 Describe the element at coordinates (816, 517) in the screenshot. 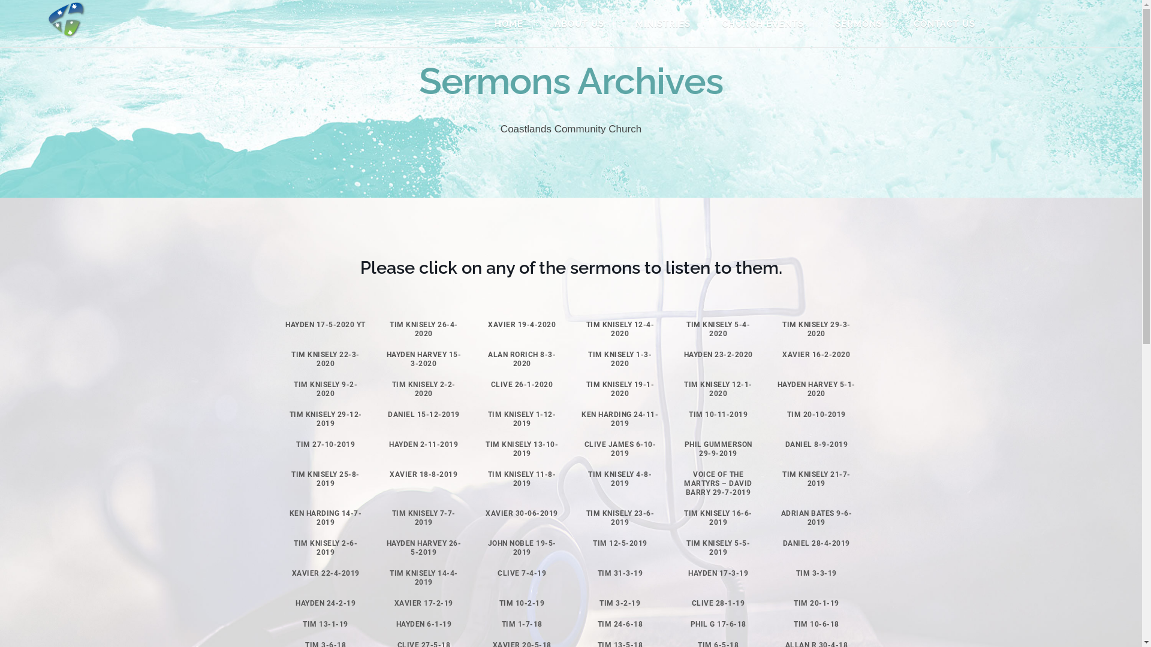

I see `'ADRIAN BATES 9-6-2019'` at that location.